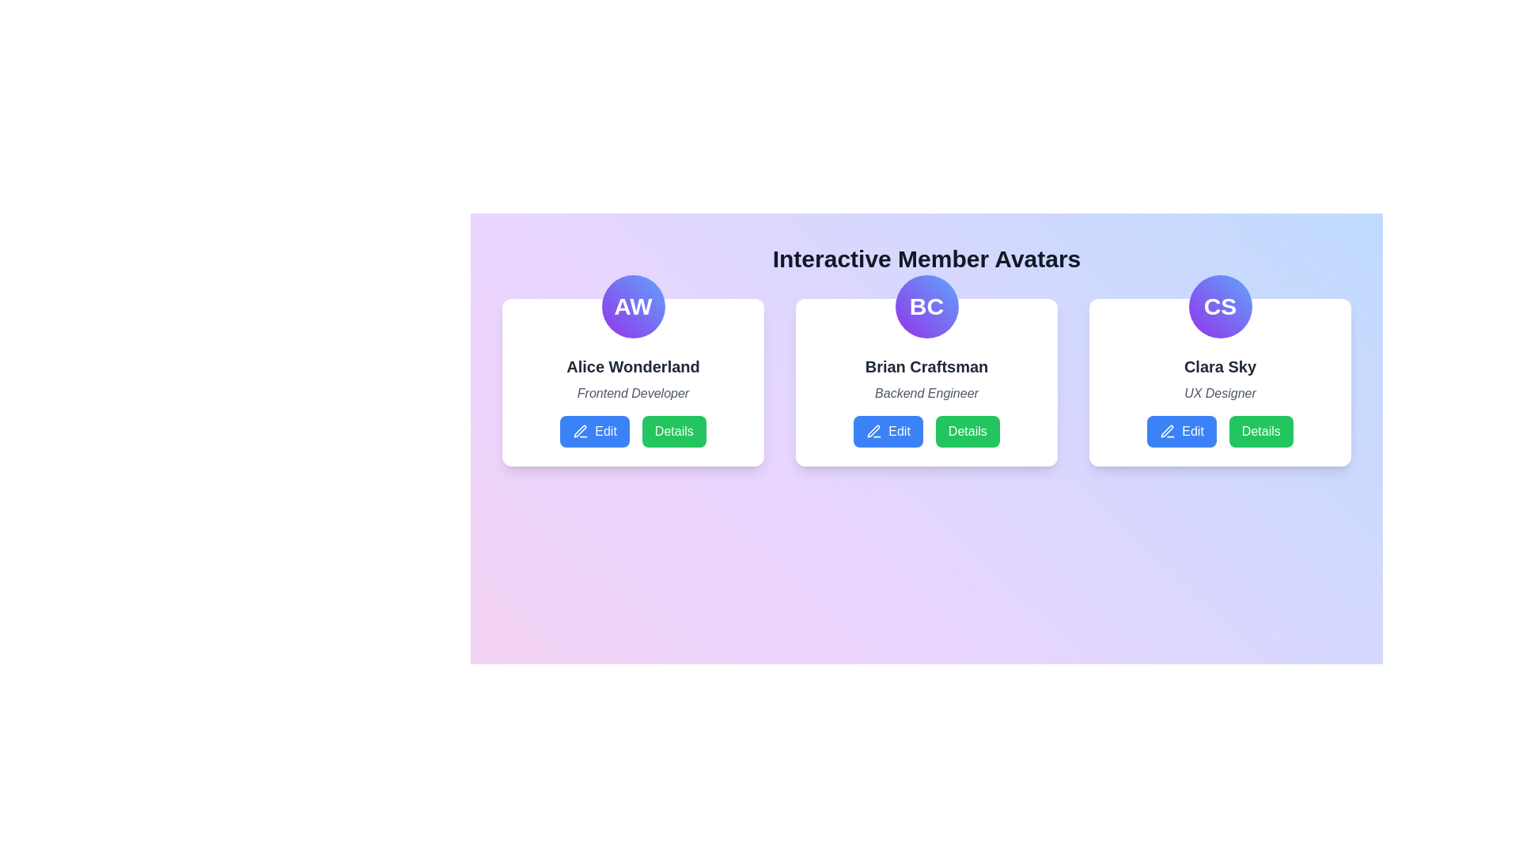 Image resolution: width=1519 pixels, height=854 pixels. I want to click on the text element that displays the individual's name, located above the job title 'Frontend Developer' within the content card under the avatar labeled 'AW', so click(633, 366).